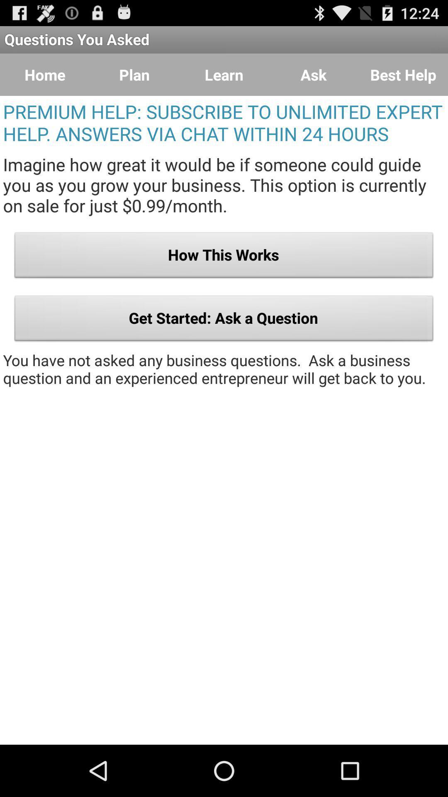 The image size is (448, 797). Describe the element at coordinates (224, 320) in the screenshot. I see `the item below how this works icon` at that location.